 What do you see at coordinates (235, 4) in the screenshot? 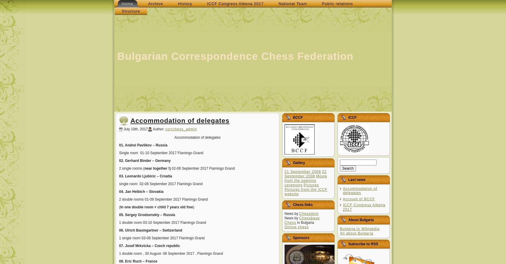
I see `'ICCF Congress Albena 2017'` at bounding box center [235, 4].